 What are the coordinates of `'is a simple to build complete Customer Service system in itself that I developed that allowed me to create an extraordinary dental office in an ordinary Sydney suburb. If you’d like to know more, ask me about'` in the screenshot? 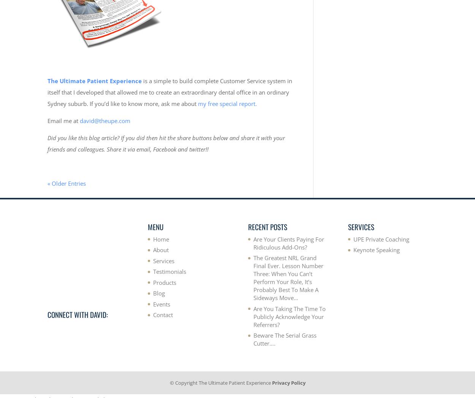 It's located at (169, 92).